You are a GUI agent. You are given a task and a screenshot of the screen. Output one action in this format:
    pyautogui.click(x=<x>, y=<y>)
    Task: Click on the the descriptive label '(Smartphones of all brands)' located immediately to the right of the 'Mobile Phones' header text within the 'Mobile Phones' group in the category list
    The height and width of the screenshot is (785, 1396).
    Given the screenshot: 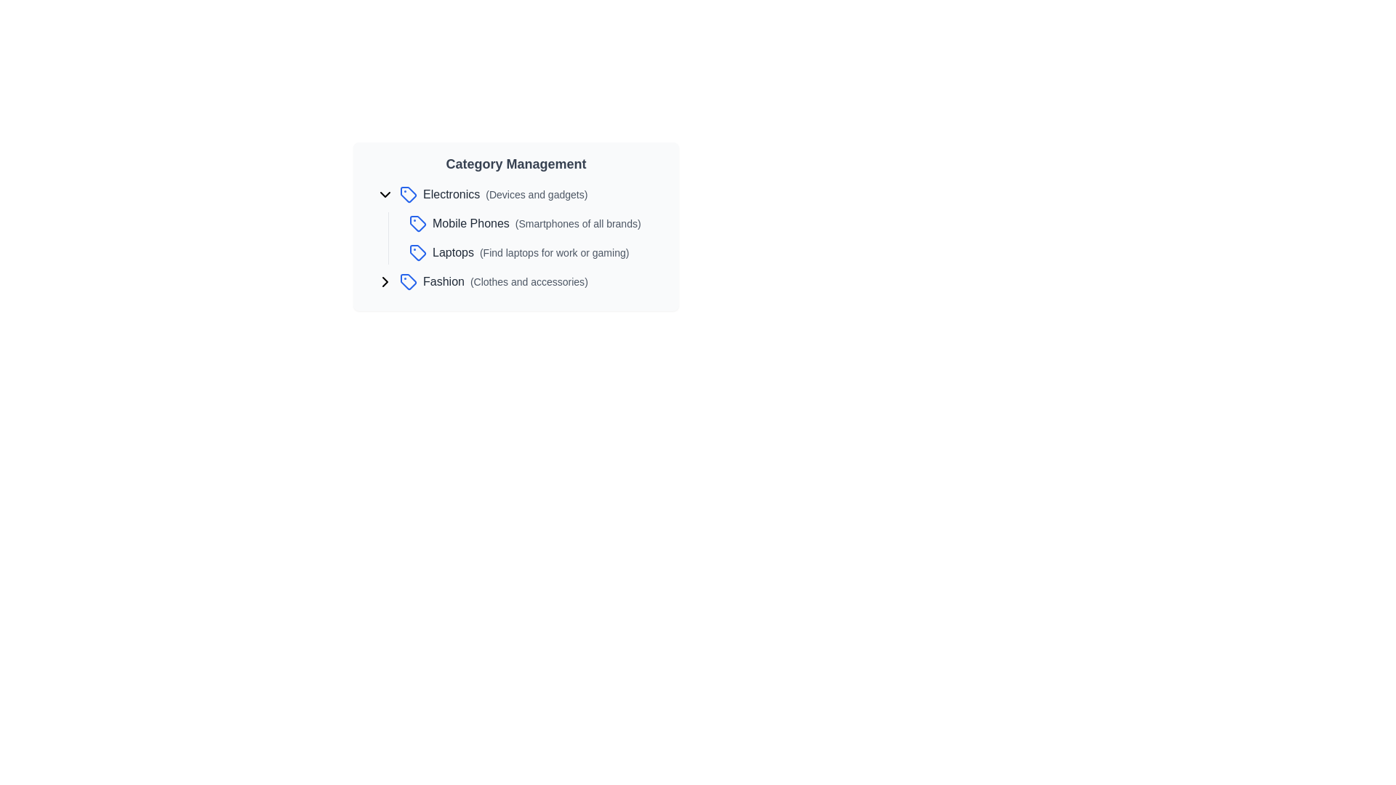 What is the action you would take?
    pyautogui.click(x=577, y=224)
    